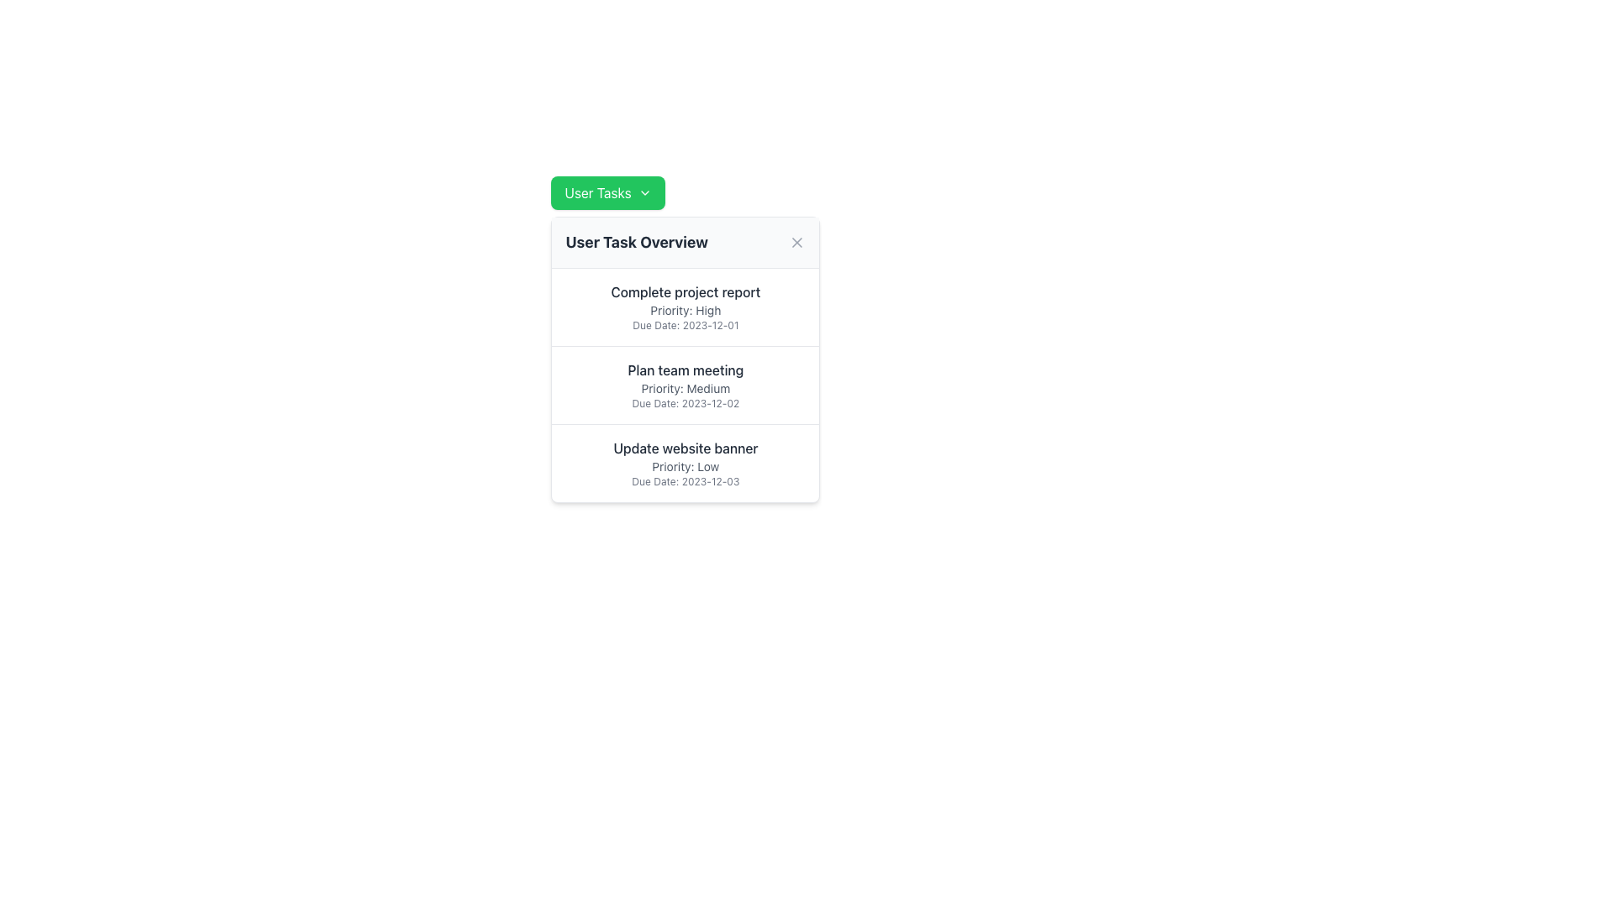  Describe the element at coordinates (686, 326) in the screenshot. I see `text label displaying 'Due Date: 2023-12-01', which is positioned below 'Priority: High' in the task list` at that location.